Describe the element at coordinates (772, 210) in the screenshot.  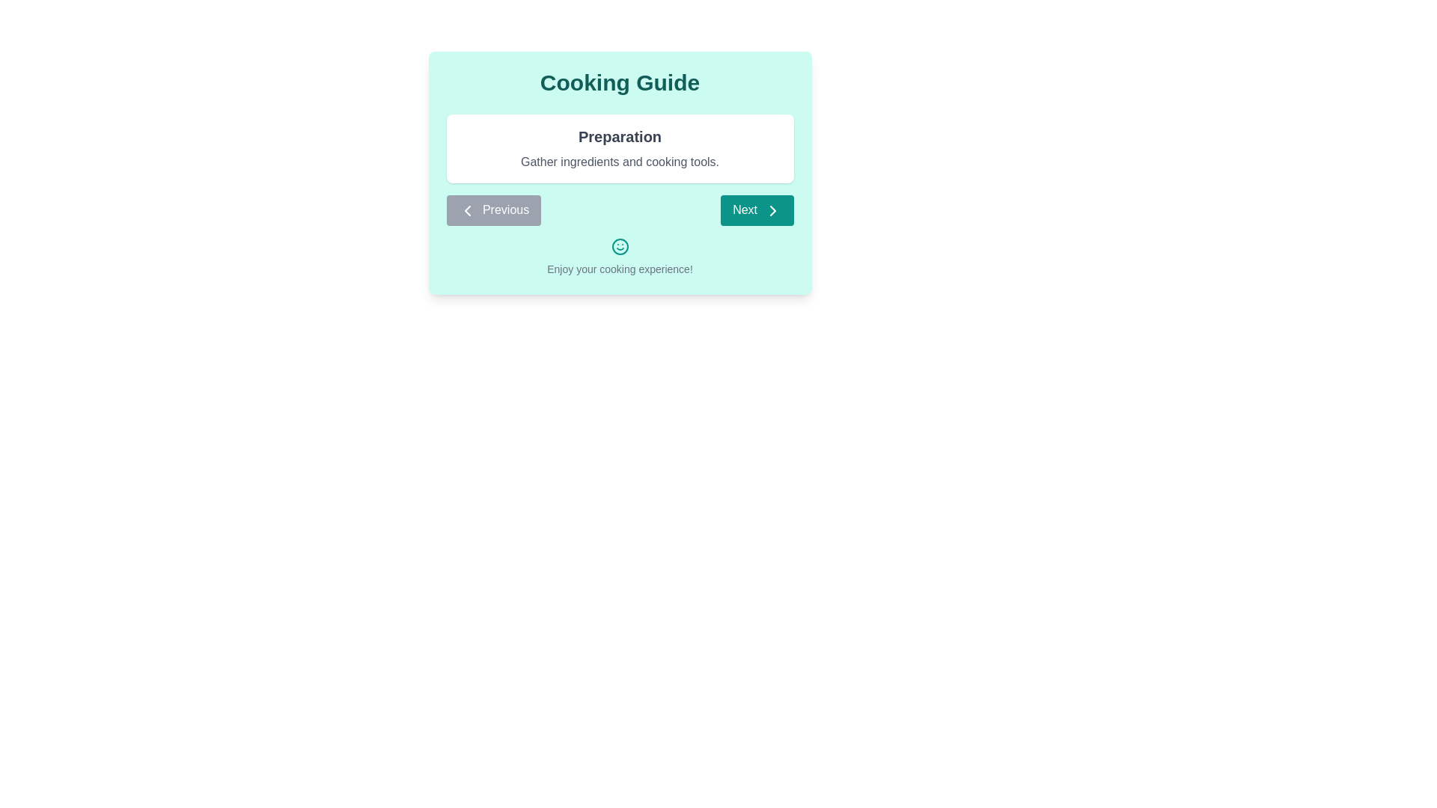
I see `the forward navigation icon located to the right of the 'Next' text within the 'Next' button in the lower-right area of the content panel` at that location.